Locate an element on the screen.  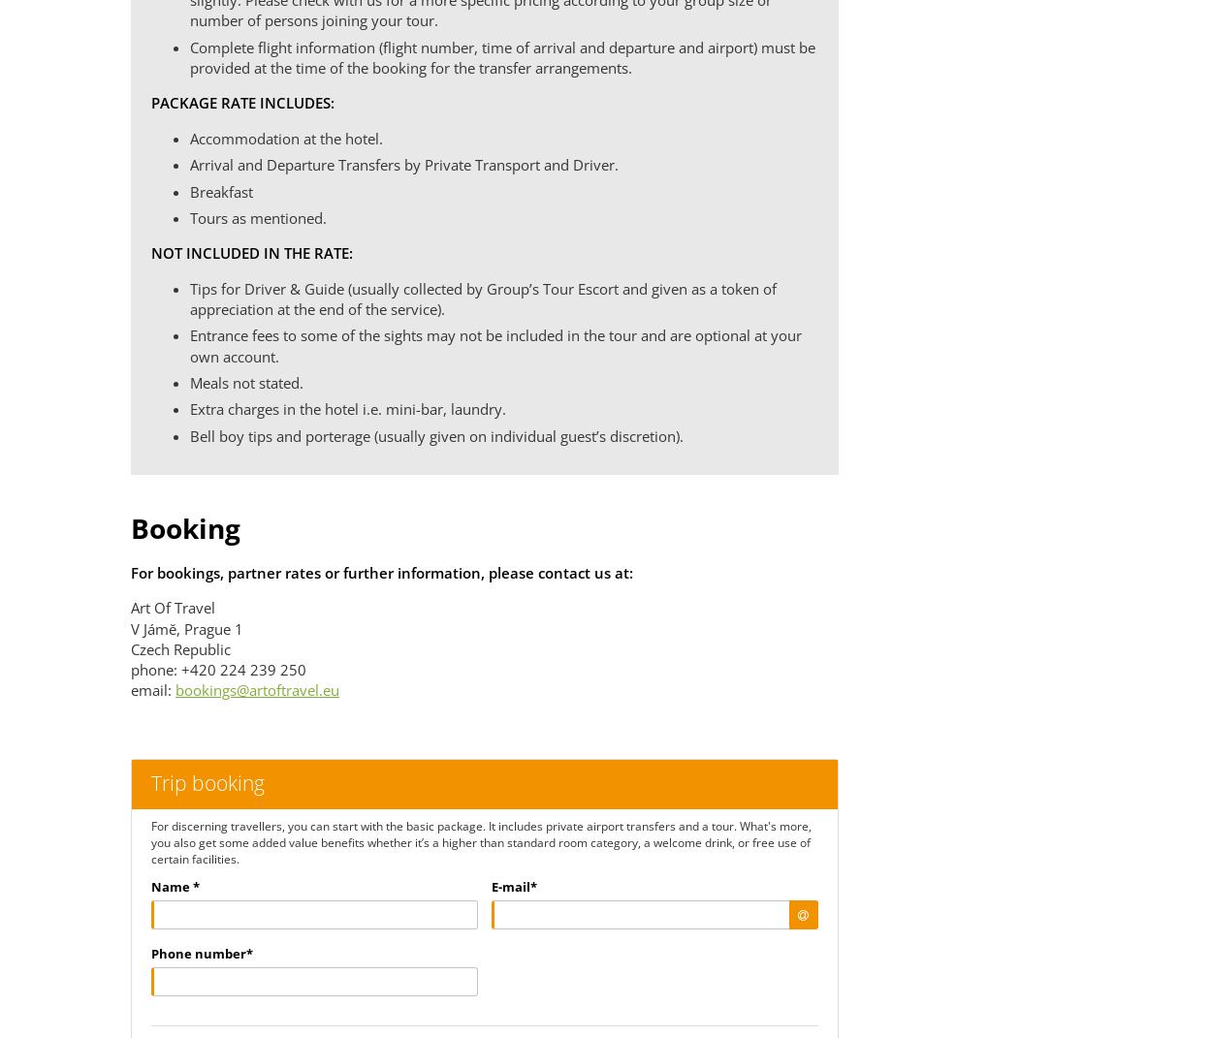
'Arrival and Departure Transfers by Private Transport and Driver.' is located at coordinates (403, 163).